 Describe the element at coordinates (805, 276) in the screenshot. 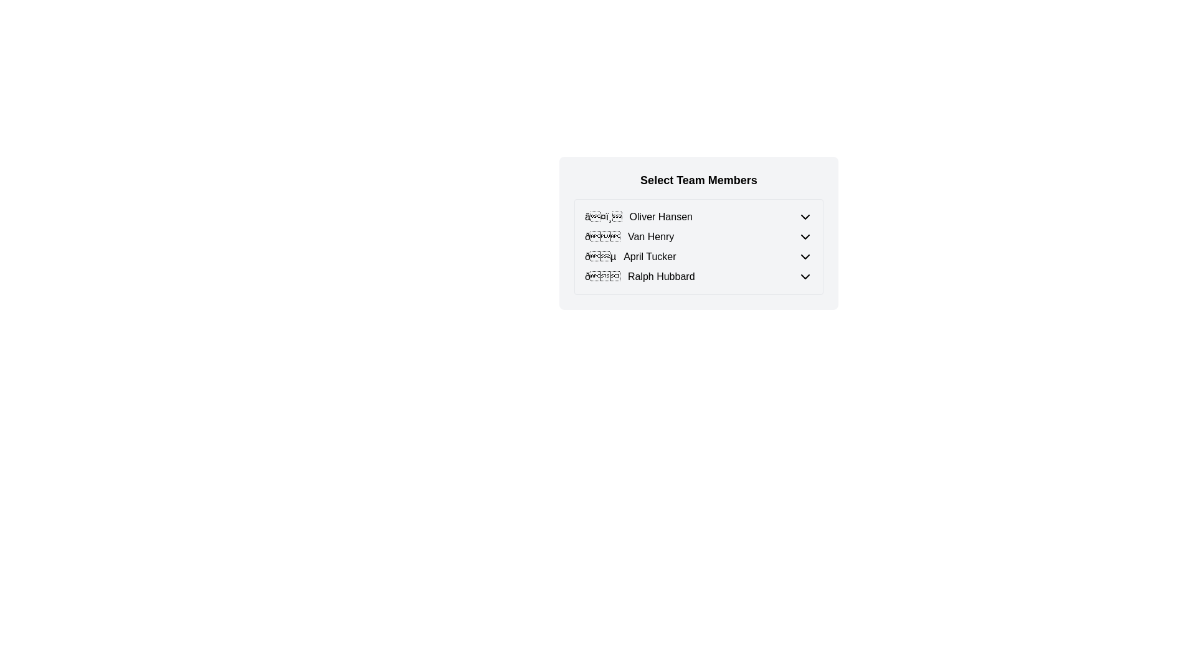

I see `the downward-pointing chevron icon` at that location.